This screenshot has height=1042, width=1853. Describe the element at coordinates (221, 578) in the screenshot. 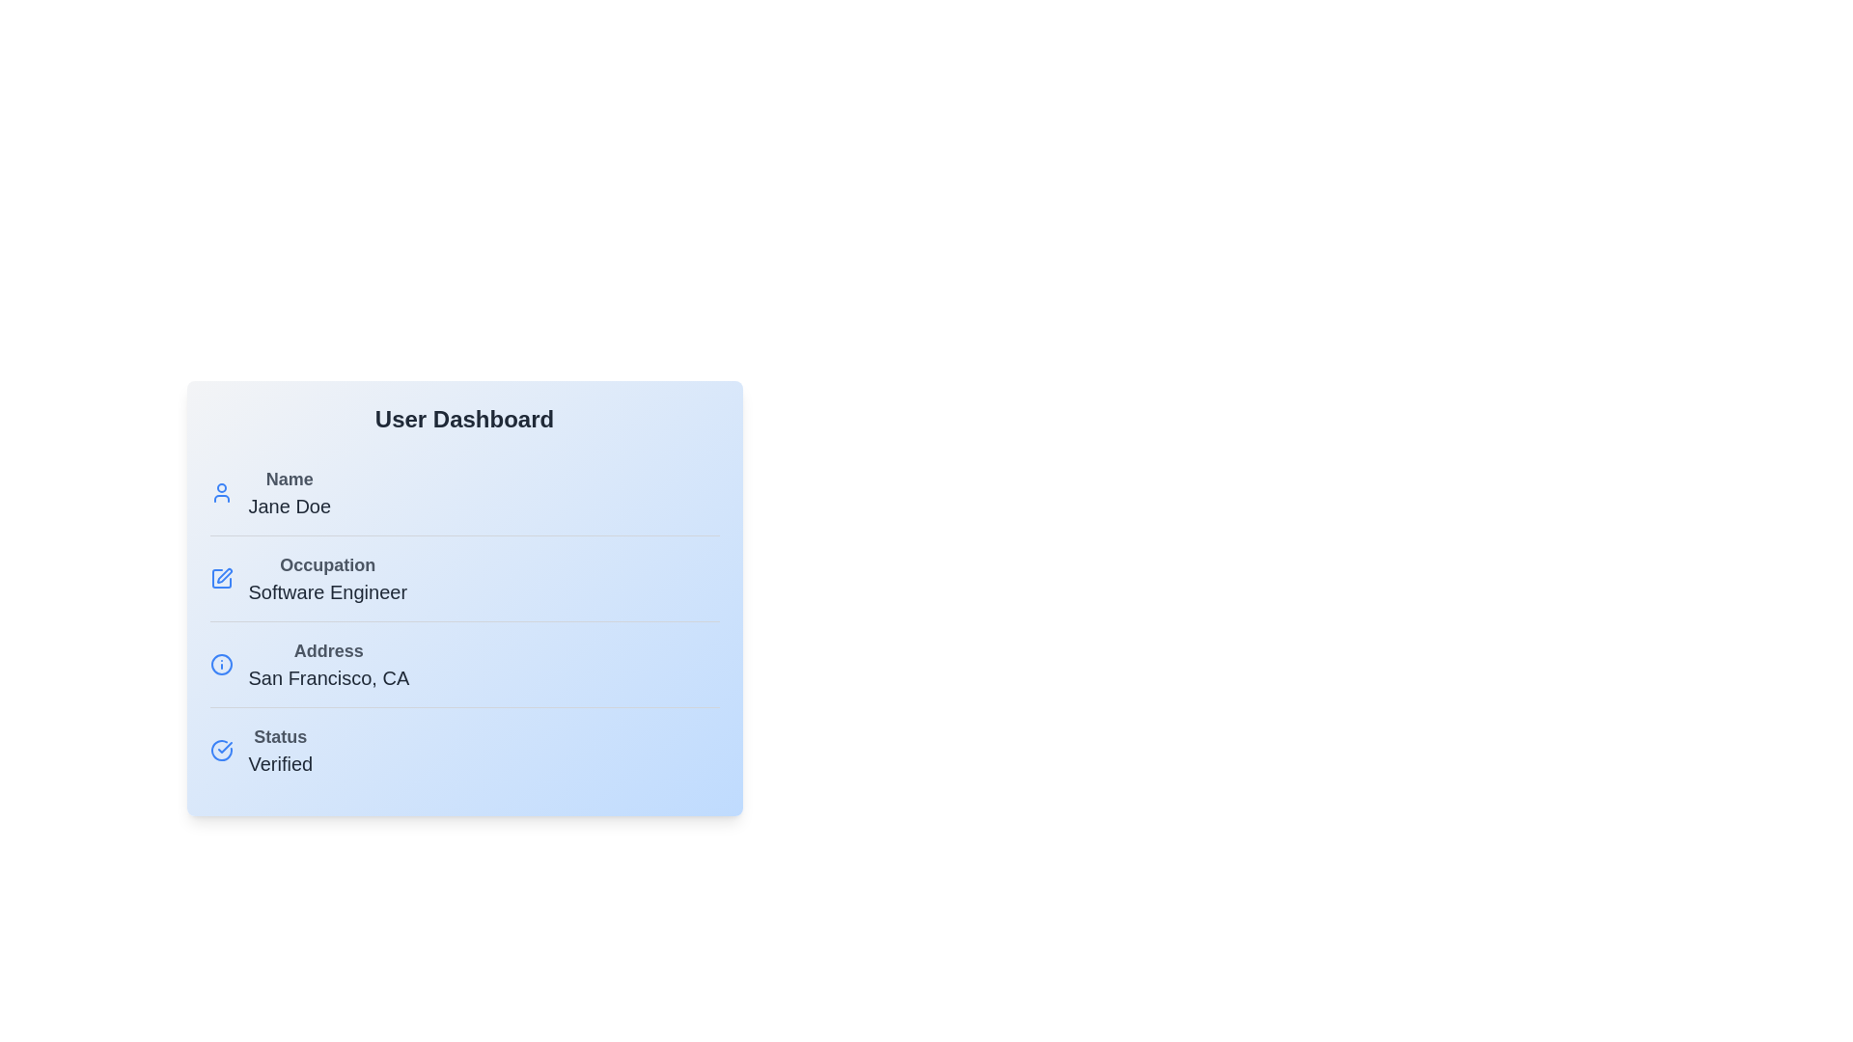

I see `the editing icon located next to the 'Occupation' label in the second row of the user dashboard interface` at that location.